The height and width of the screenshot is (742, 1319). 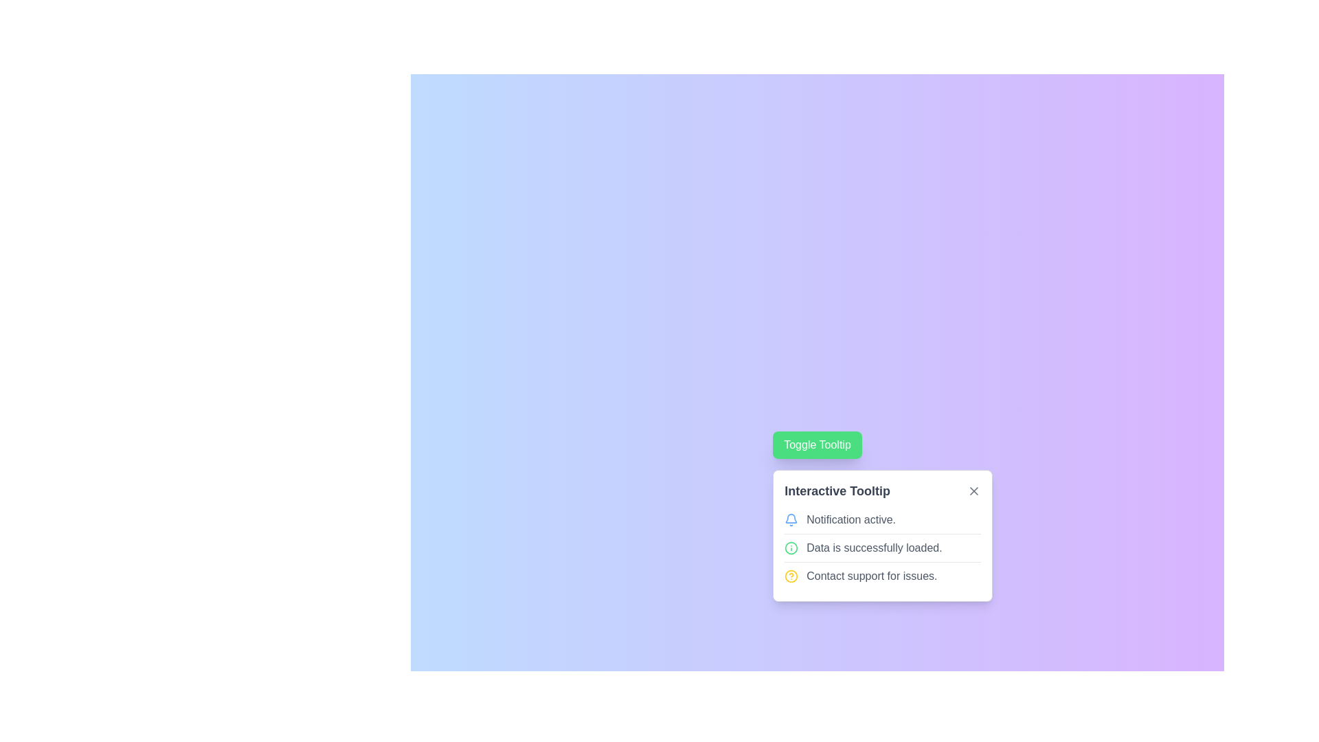 I want to click on the close icon button in the top-right corner of the 'Interactive Tooltip', so click(x=973, y=490).